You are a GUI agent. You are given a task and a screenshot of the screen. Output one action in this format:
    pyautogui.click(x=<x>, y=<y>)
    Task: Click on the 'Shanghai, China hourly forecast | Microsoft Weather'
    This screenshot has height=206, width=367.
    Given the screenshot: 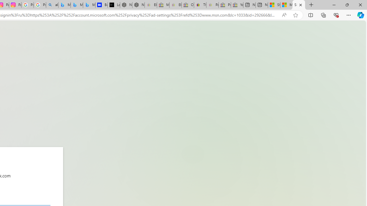 What is the action you would take?
    pyautogui.click(x=274, y=5)
    